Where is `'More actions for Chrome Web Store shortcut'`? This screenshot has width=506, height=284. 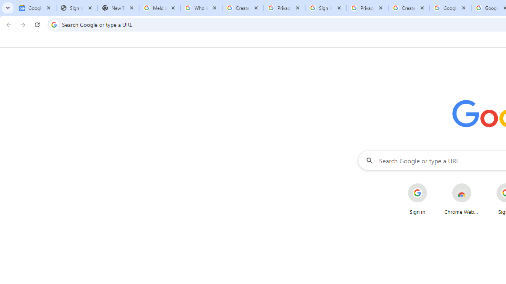 'More actions for Chrome Web Store shortcut' is located at coordinates (477, 184).